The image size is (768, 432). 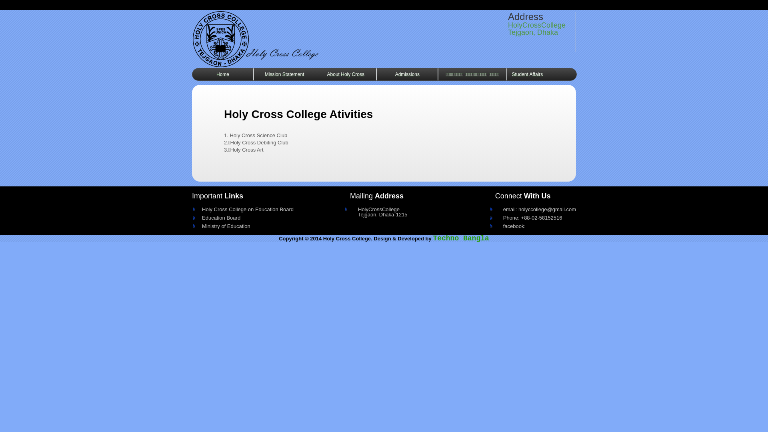 What do you see at coordinates (284, 74) in the screenshot?
I see `'Mission Statement'` at bounding box center [284, 74].